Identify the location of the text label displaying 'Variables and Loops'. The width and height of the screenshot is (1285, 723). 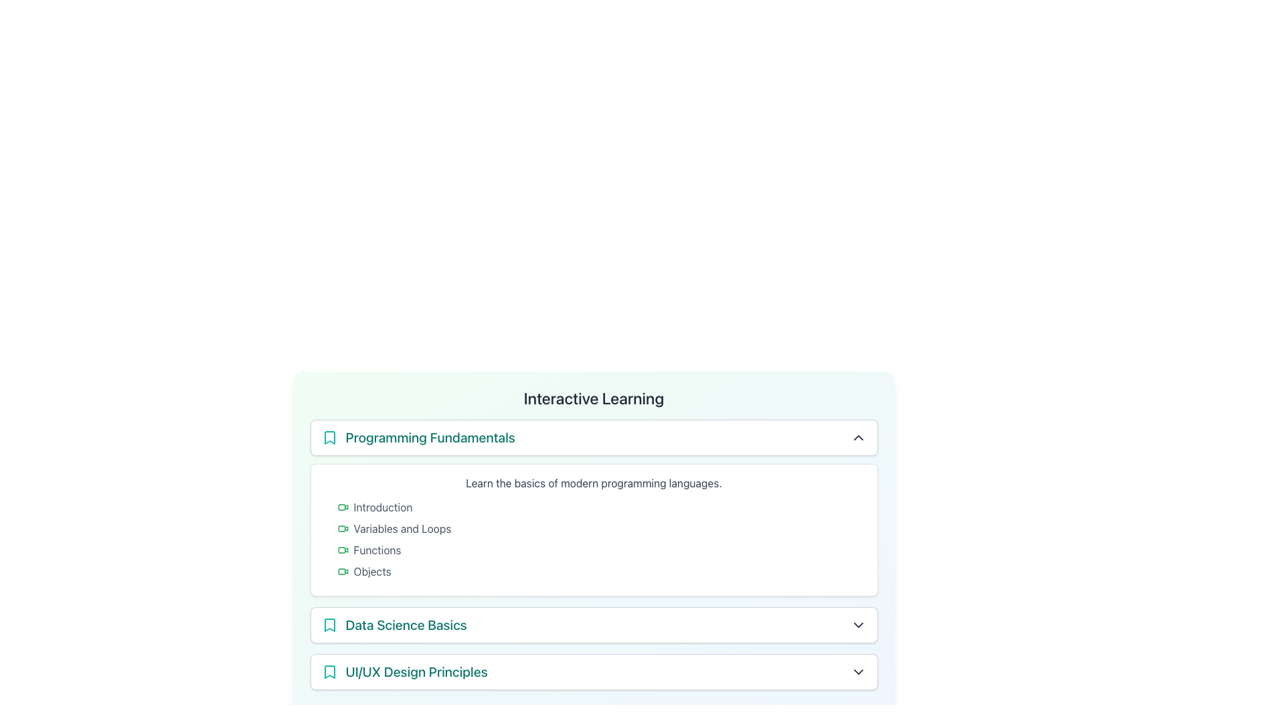
(402, 528).